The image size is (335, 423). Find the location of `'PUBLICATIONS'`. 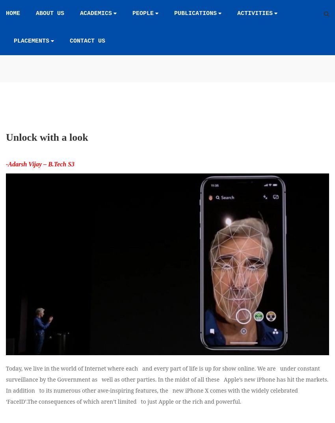

'PUBLICATIONS' is located at coordinates (195, 13).